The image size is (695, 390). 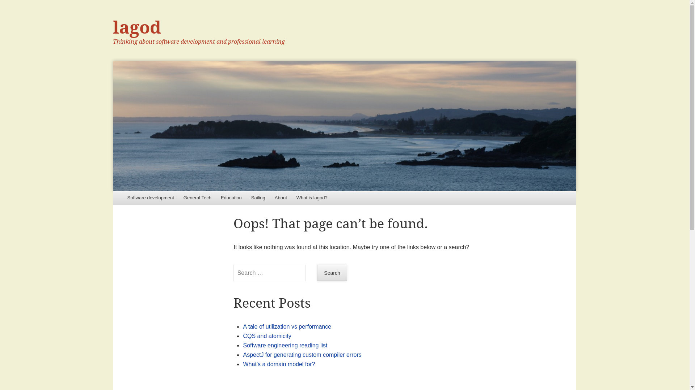 What do you see at coordinates (243, 326) in the screenshot?
I see `'A tale of utilization vs performance'` at bounding box center [243, 326].